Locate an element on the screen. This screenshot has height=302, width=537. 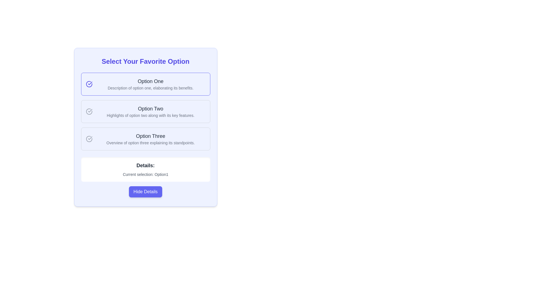
the radio button option for 'Option One' is located at coordinates (145, 84).